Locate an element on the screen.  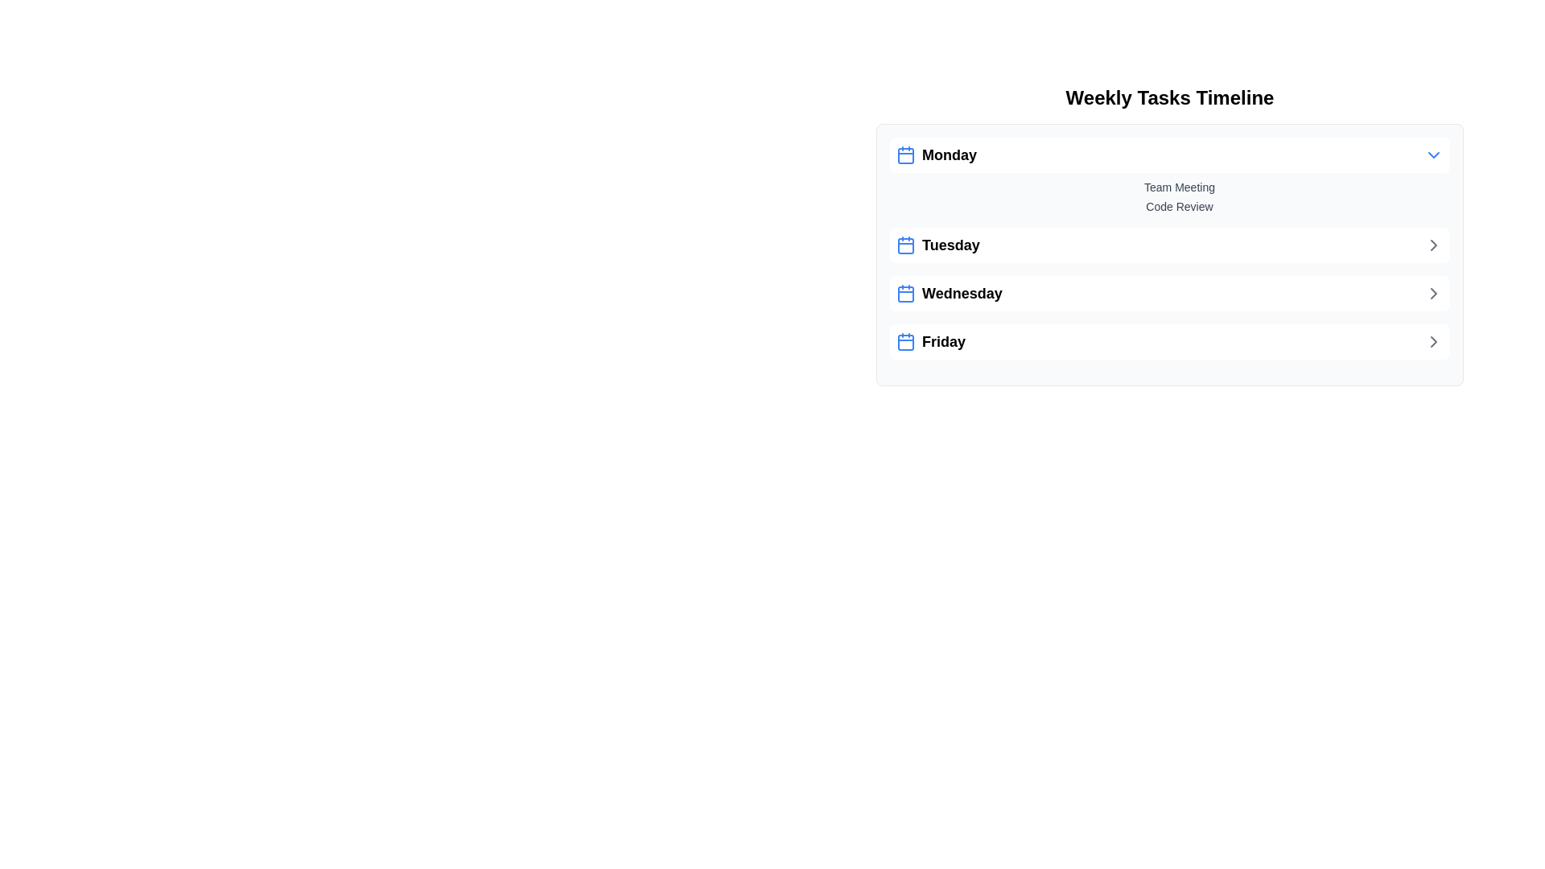
the static text label representing Tuesday in the weekly schedule, located between Monday and Wednesday in the Weekly Tasks Timeline is located at coordinates (937, 245).